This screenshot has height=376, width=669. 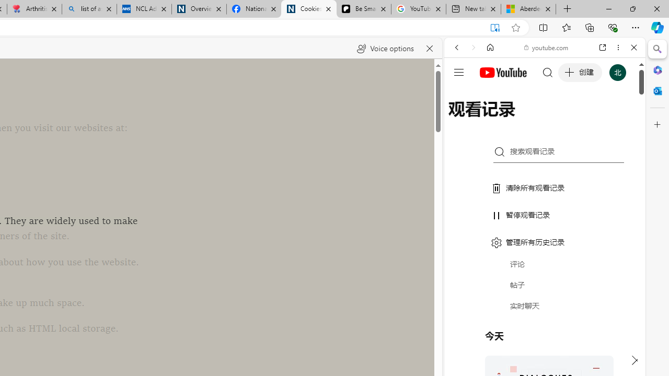 What do you see at coordinates (526, 119) in the screenshot?
I see `'Search Filter, VIDEOS'` at bounding box center [526, 119].